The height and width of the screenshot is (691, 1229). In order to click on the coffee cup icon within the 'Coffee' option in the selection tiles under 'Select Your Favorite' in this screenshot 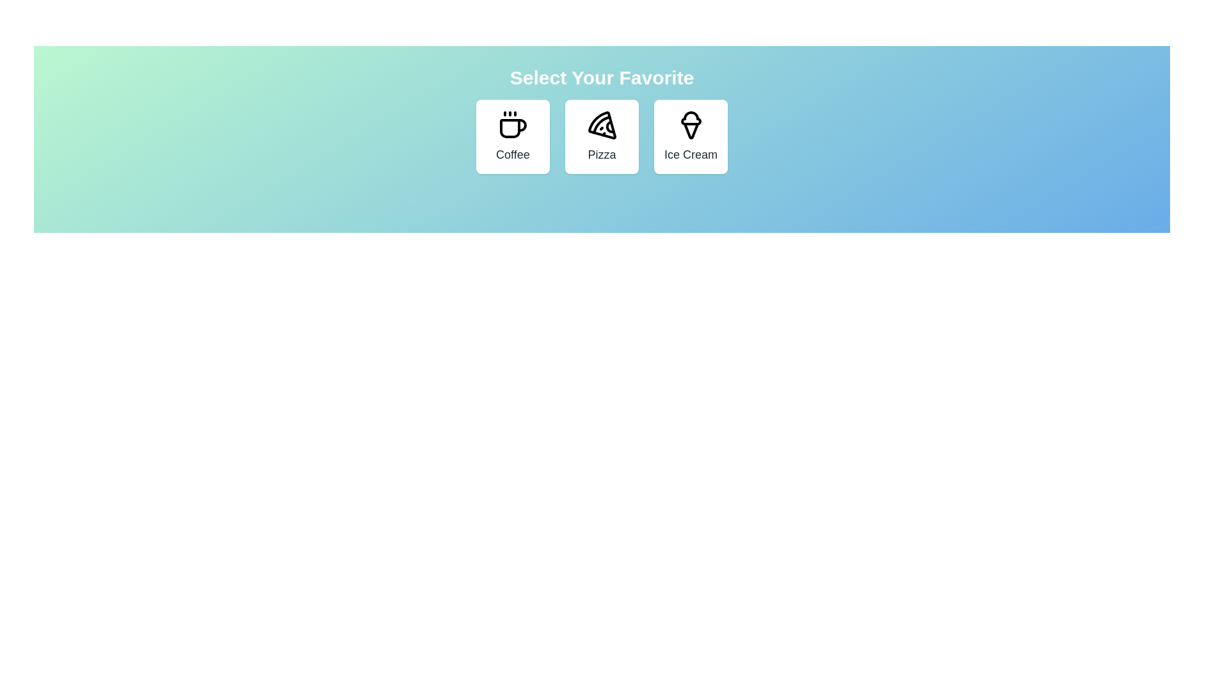, I will do `click(513, 128)`.